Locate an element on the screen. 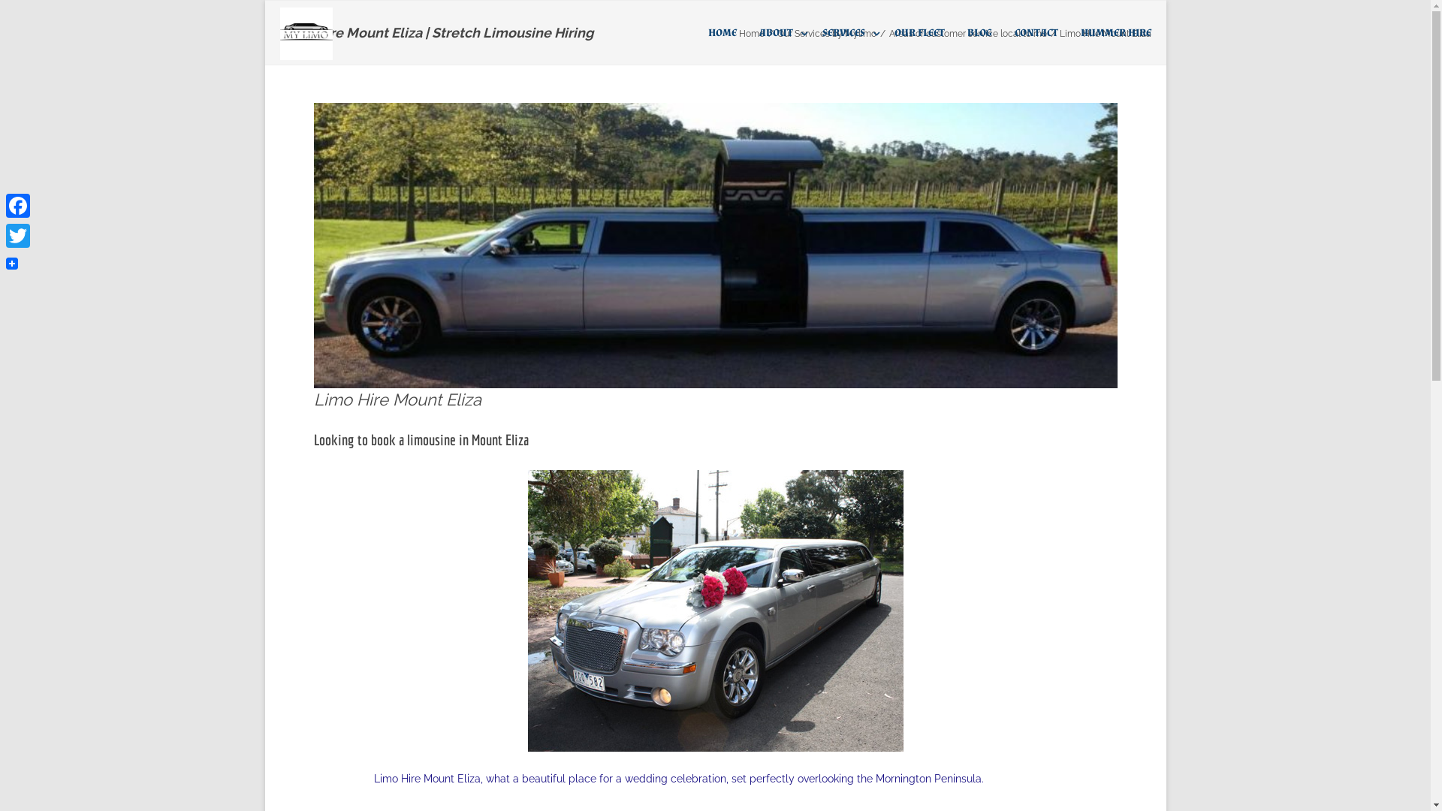 The width and height of the screenshot is (1442, 811). 'BLOG' is located at coordinates (979, 32).